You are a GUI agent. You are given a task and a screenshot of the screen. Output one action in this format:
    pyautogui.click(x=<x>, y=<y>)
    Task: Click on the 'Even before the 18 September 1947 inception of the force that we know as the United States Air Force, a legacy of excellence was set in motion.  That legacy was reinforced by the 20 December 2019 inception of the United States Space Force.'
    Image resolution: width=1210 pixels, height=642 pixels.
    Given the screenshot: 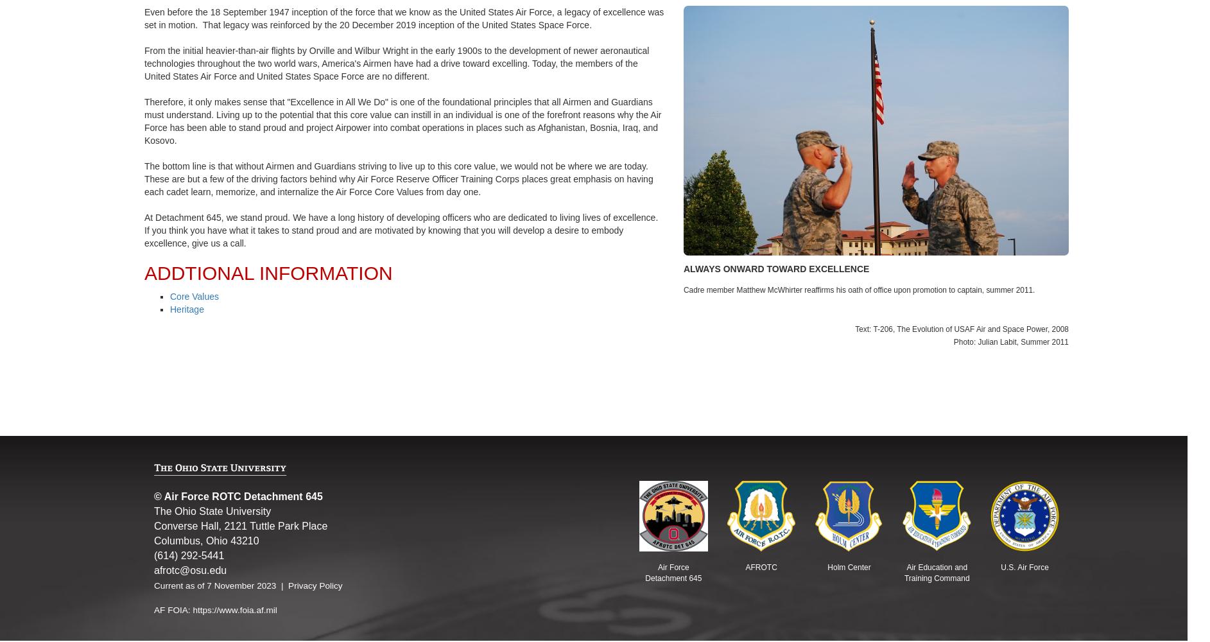 What is the action you would take?
    pyautogui.click(x=403, y=18)
    